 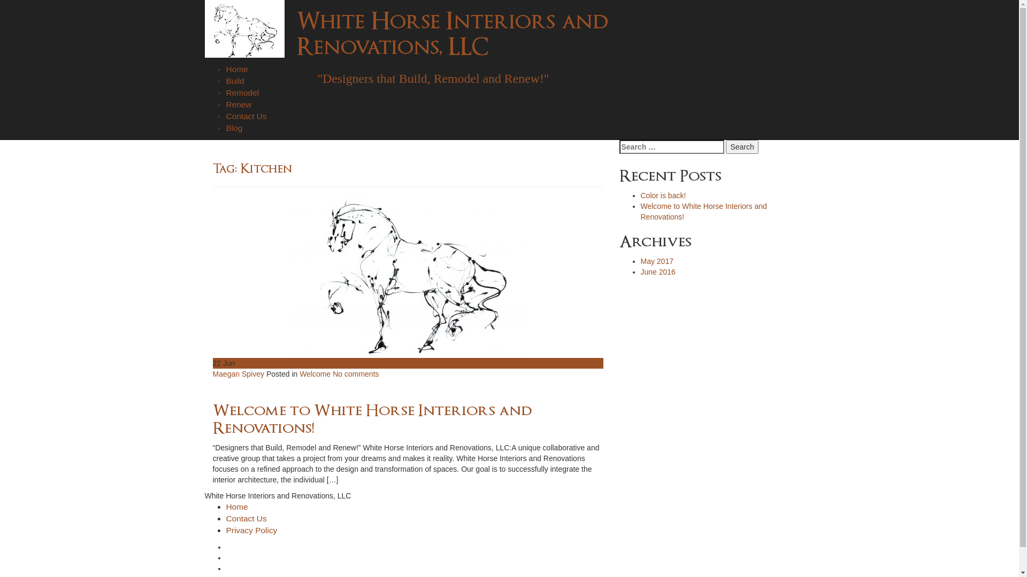 What do you see at coordinates (663, 196) in the screenshot?
I see `'Color is back!'` at bounding box center [663, 196].